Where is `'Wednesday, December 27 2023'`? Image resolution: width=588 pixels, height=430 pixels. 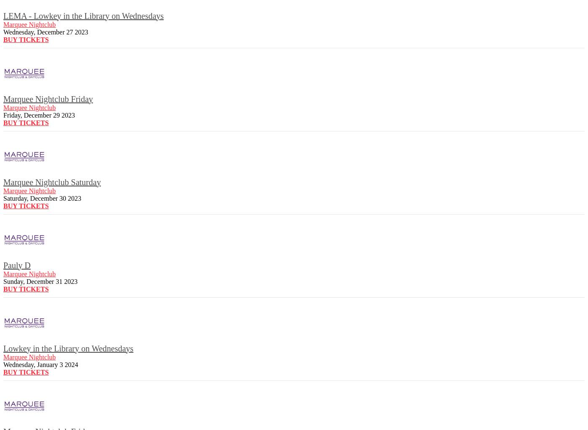
'Wednesday, December 27 2023' is located at coordinates (46, 31).